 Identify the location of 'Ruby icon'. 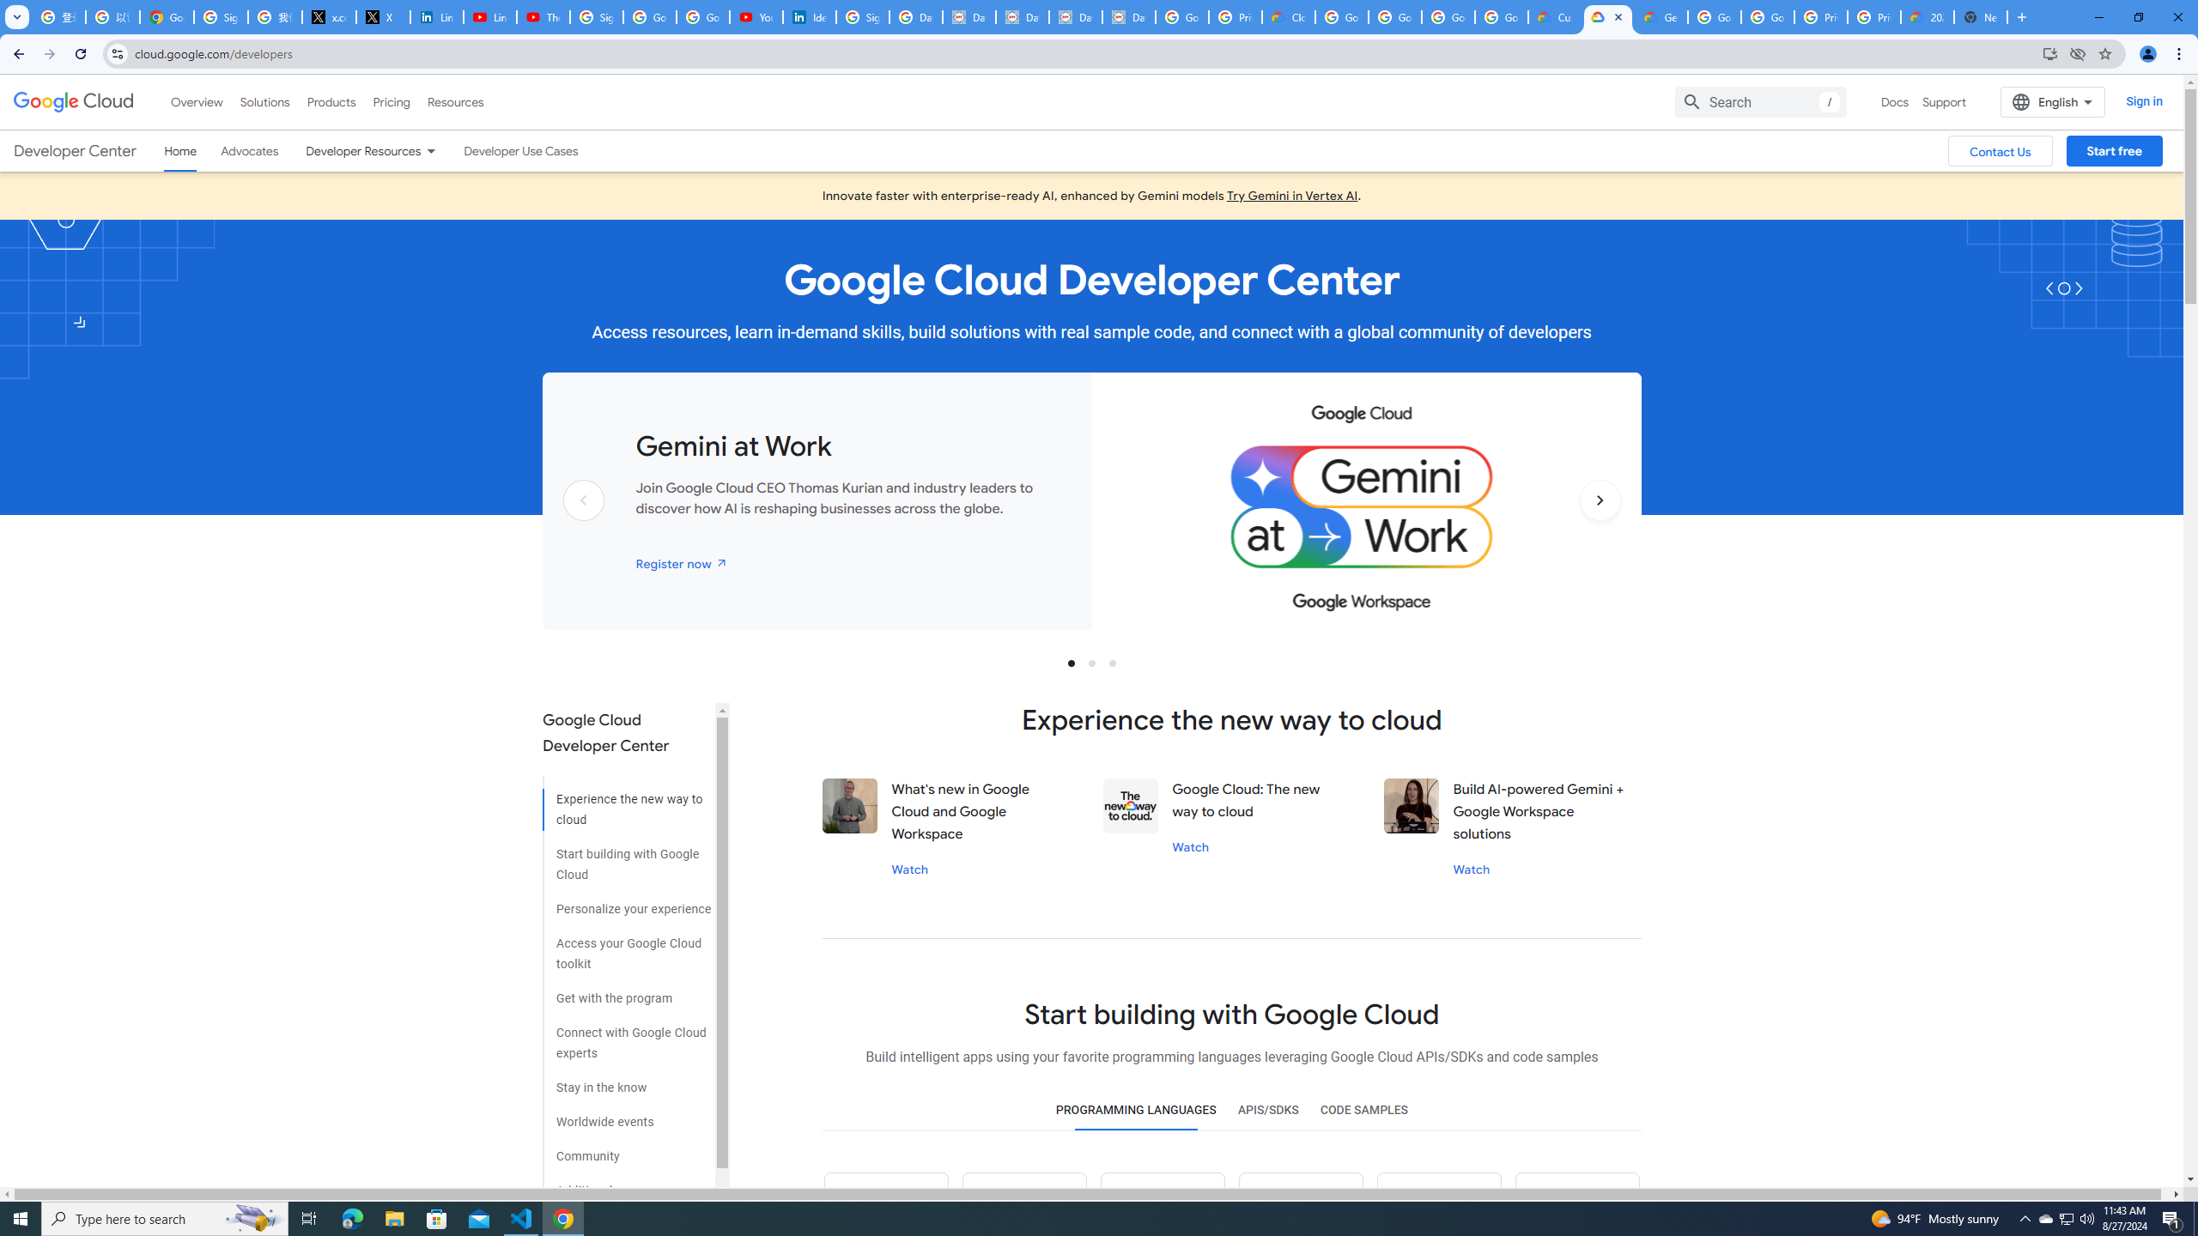
(1299, 1203).